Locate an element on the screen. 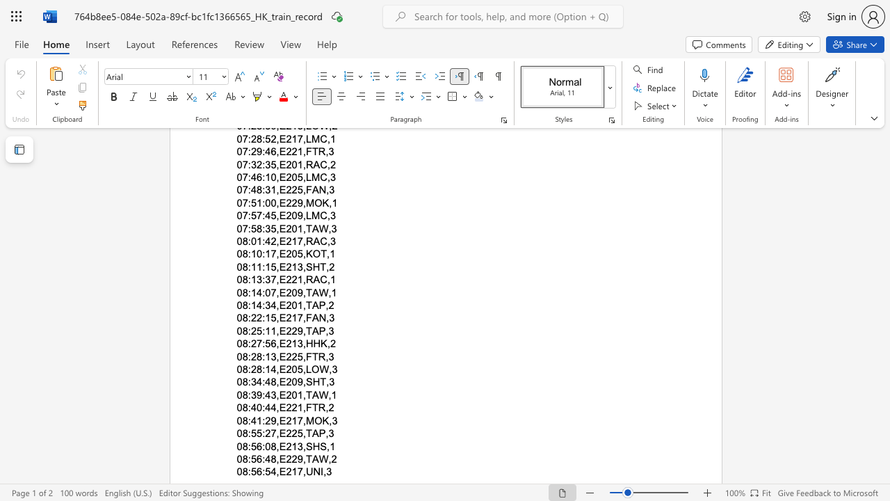  the subset text "25,FTR,3" within the text "08:28:13,E225,FTR,3" is located at coordinates (291, 356).